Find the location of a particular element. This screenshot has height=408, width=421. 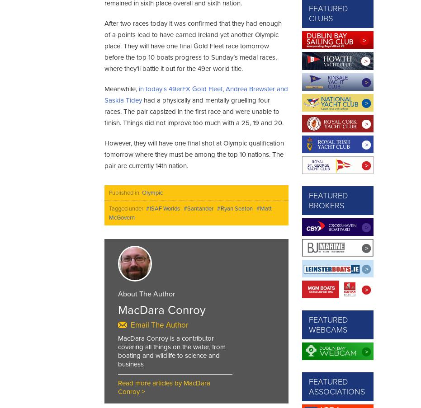

'Featured Brokers' is located at coordinates (308, 200).